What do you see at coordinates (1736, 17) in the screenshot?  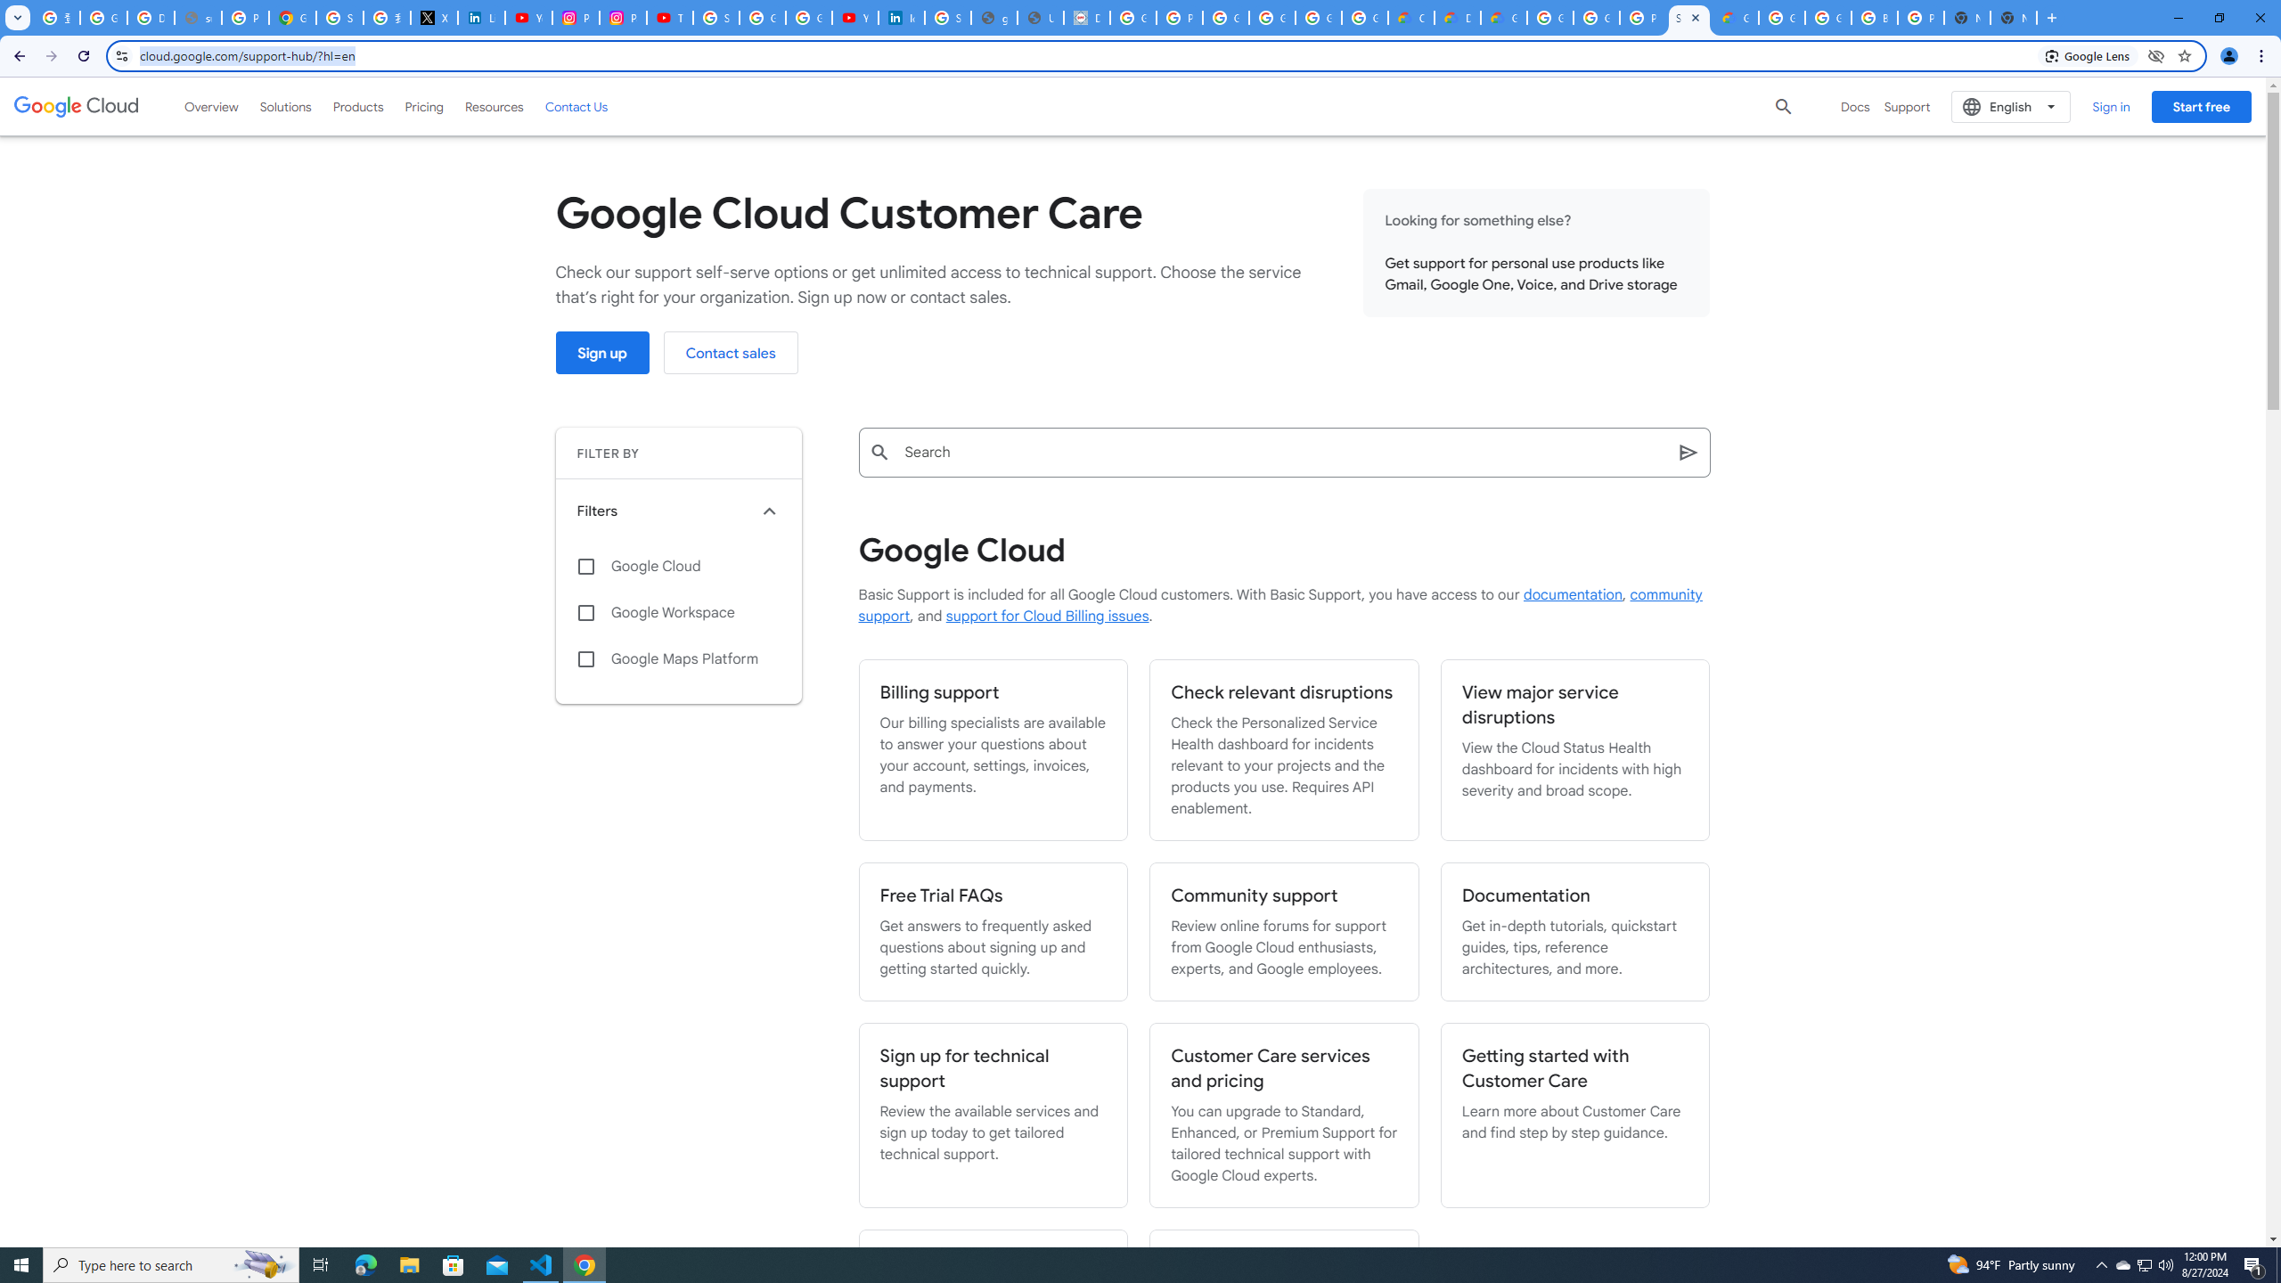 I see `'Google Cloud Service Health'` at bounding box center [1736, 17].